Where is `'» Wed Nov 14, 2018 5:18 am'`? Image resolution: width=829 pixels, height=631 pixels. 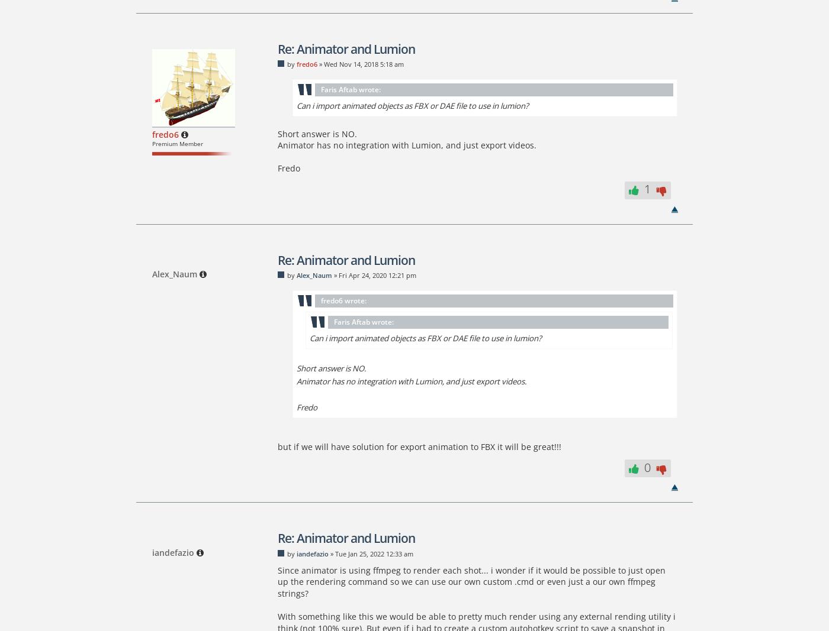
'» Wed Nov 14, 2018 5:18 am' is located at coordinates (316, 63).